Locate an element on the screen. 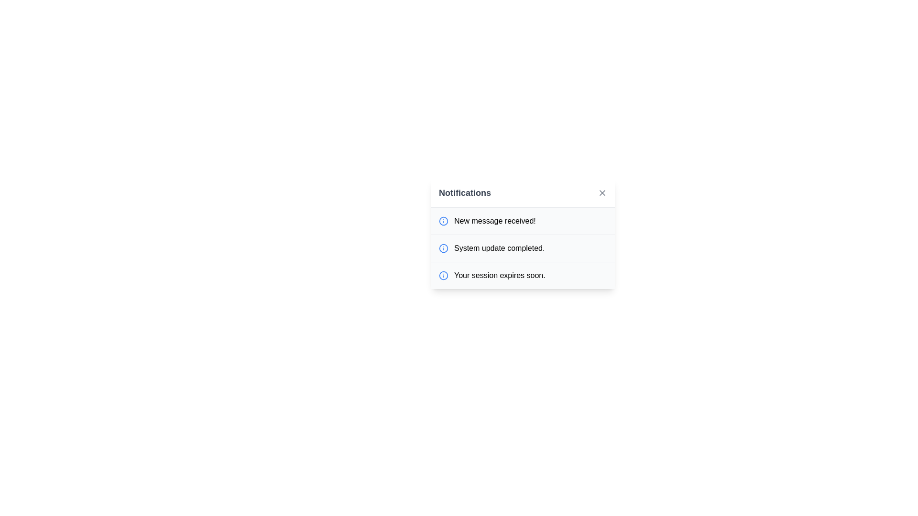 This screenshot has height=516, width=918. the static text notification indicating successful completion of a system update, which is the second notification in a vertical list of three notifications within a card is located at coordinates (499, 248).